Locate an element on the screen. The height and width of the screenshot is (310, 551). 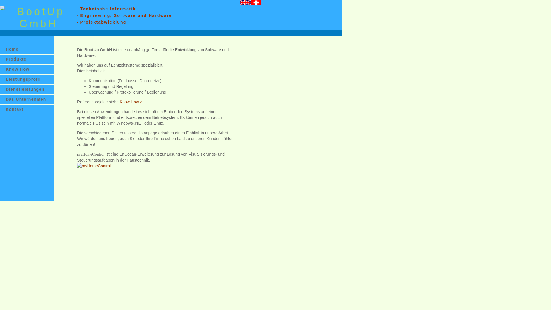
'Know How' is located at coordinates (26, 69).